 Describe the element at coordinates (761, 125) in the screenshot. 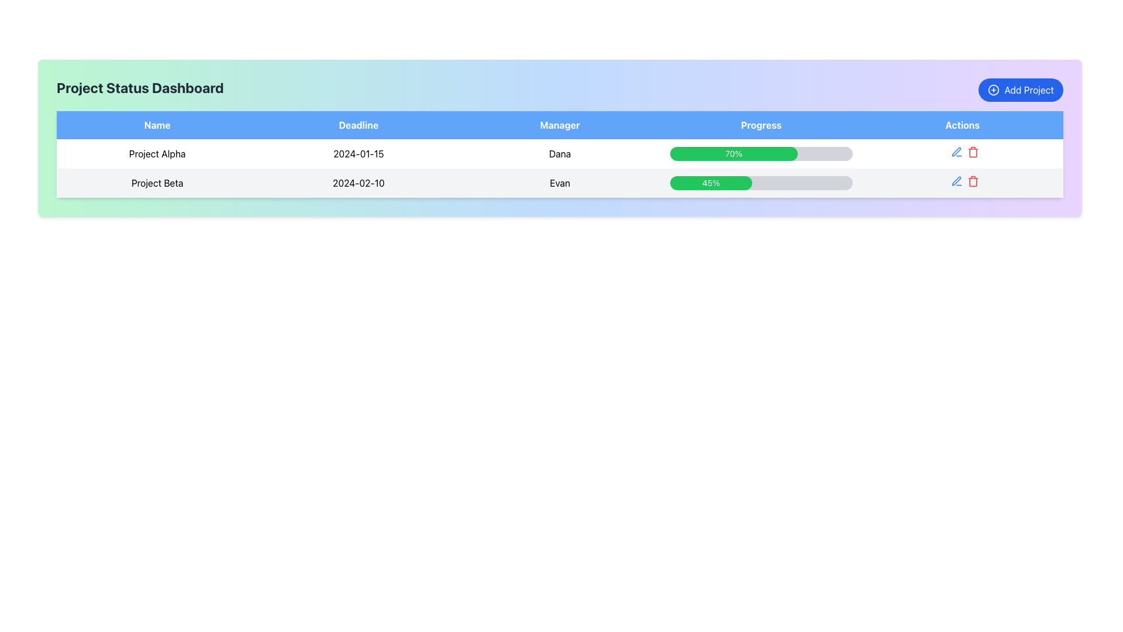

I see `the 'Progress Status' text label, which is the fourth column header in the table, indicating the data below it pertains to progress status` at that location.